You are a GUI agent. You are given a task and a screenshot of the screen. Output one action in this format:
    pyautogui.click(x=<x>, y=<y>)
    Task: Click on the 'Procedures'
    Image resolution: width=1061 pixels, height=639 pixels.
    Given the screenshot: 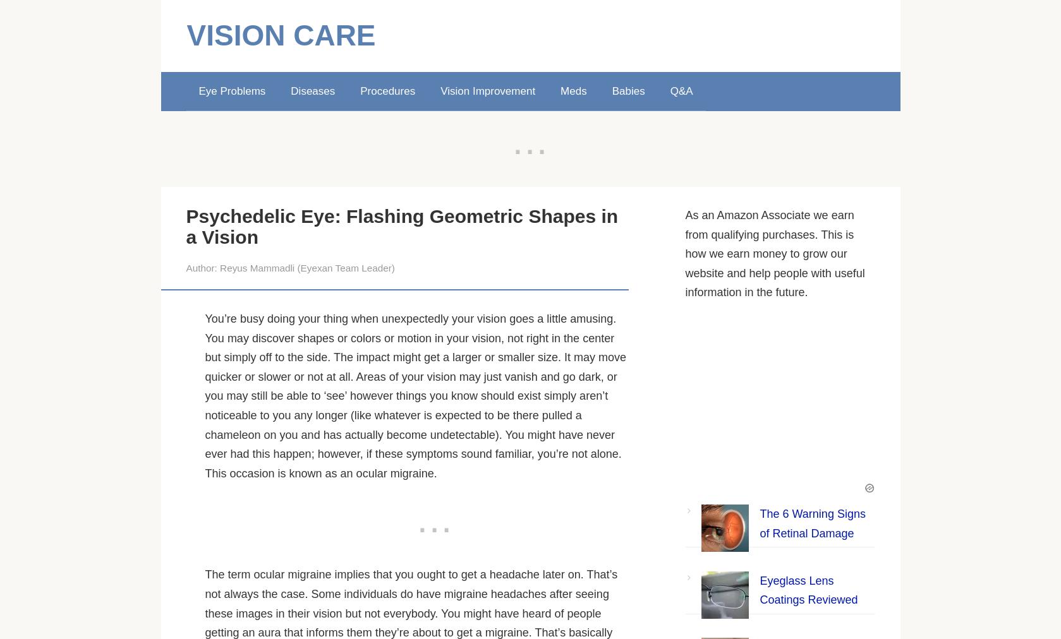 What is the action you would take?
    pyautogui.click(x=387, y=90)
    